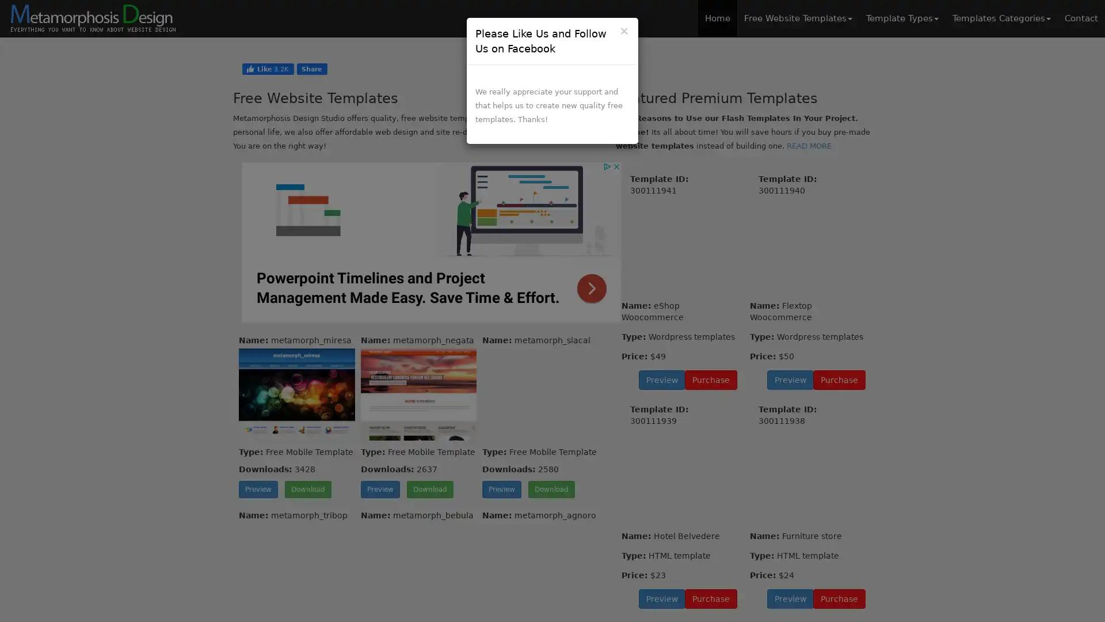 The width and height of the screenshot is (1105, 622). Describe the element at coordinates (308, 489) in the screenshot. I see `Download` at that location.